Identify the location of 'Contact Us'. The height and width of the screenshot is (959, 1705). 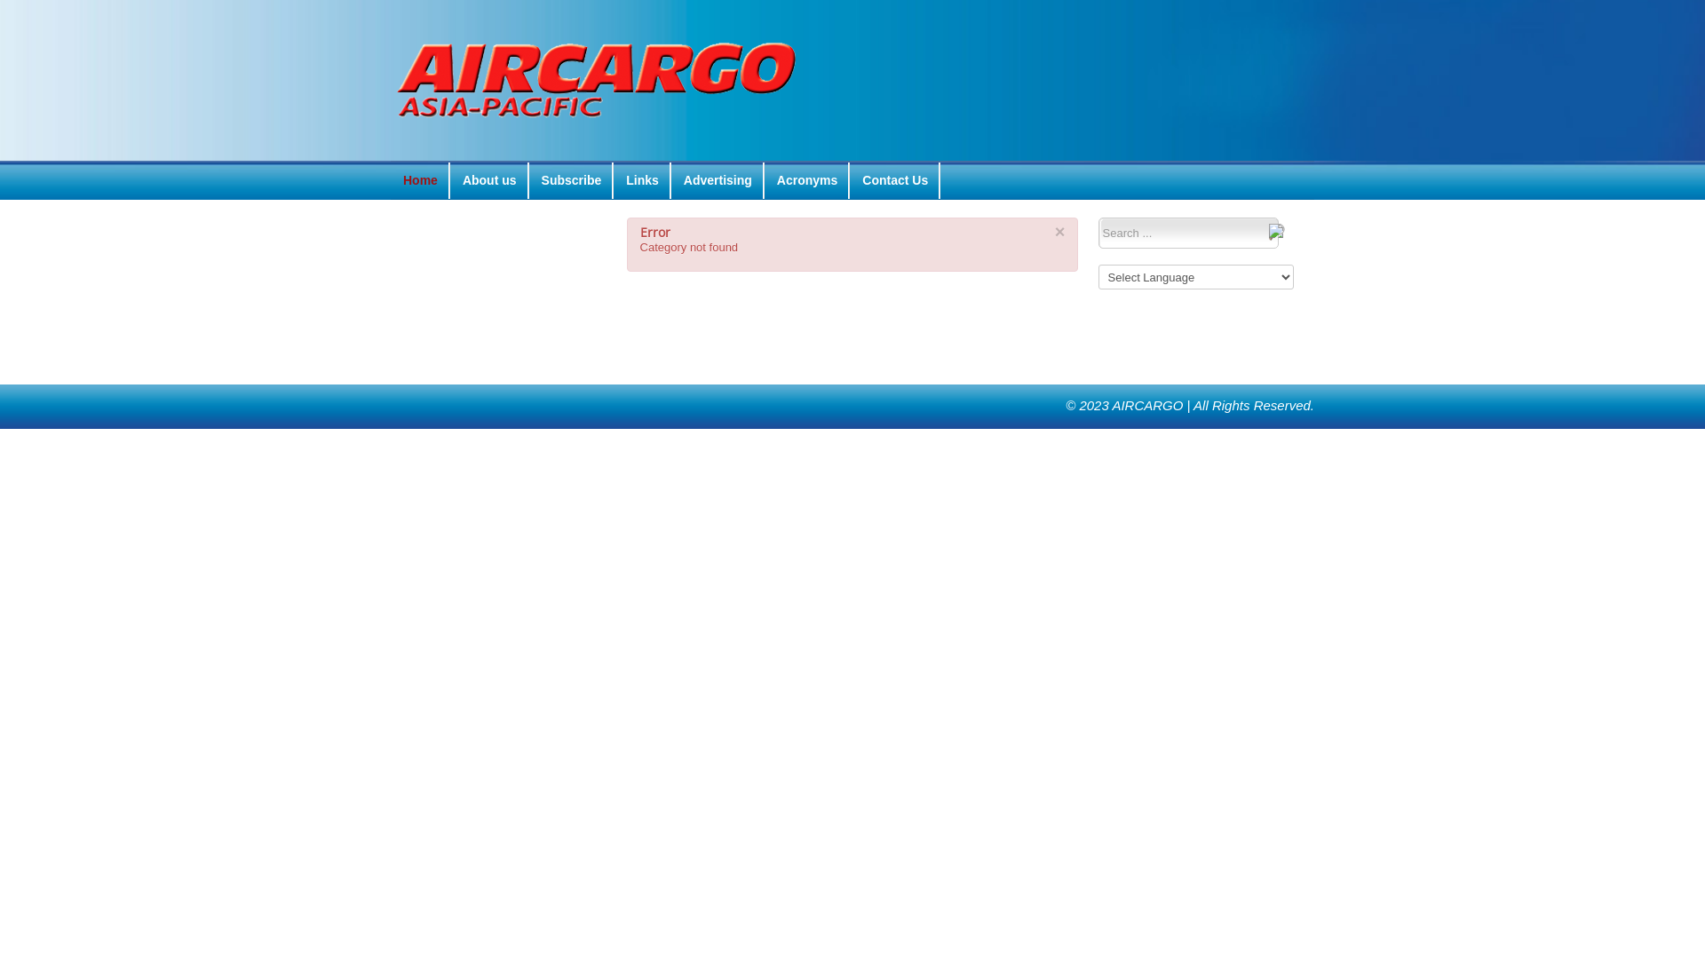
(848, 180).